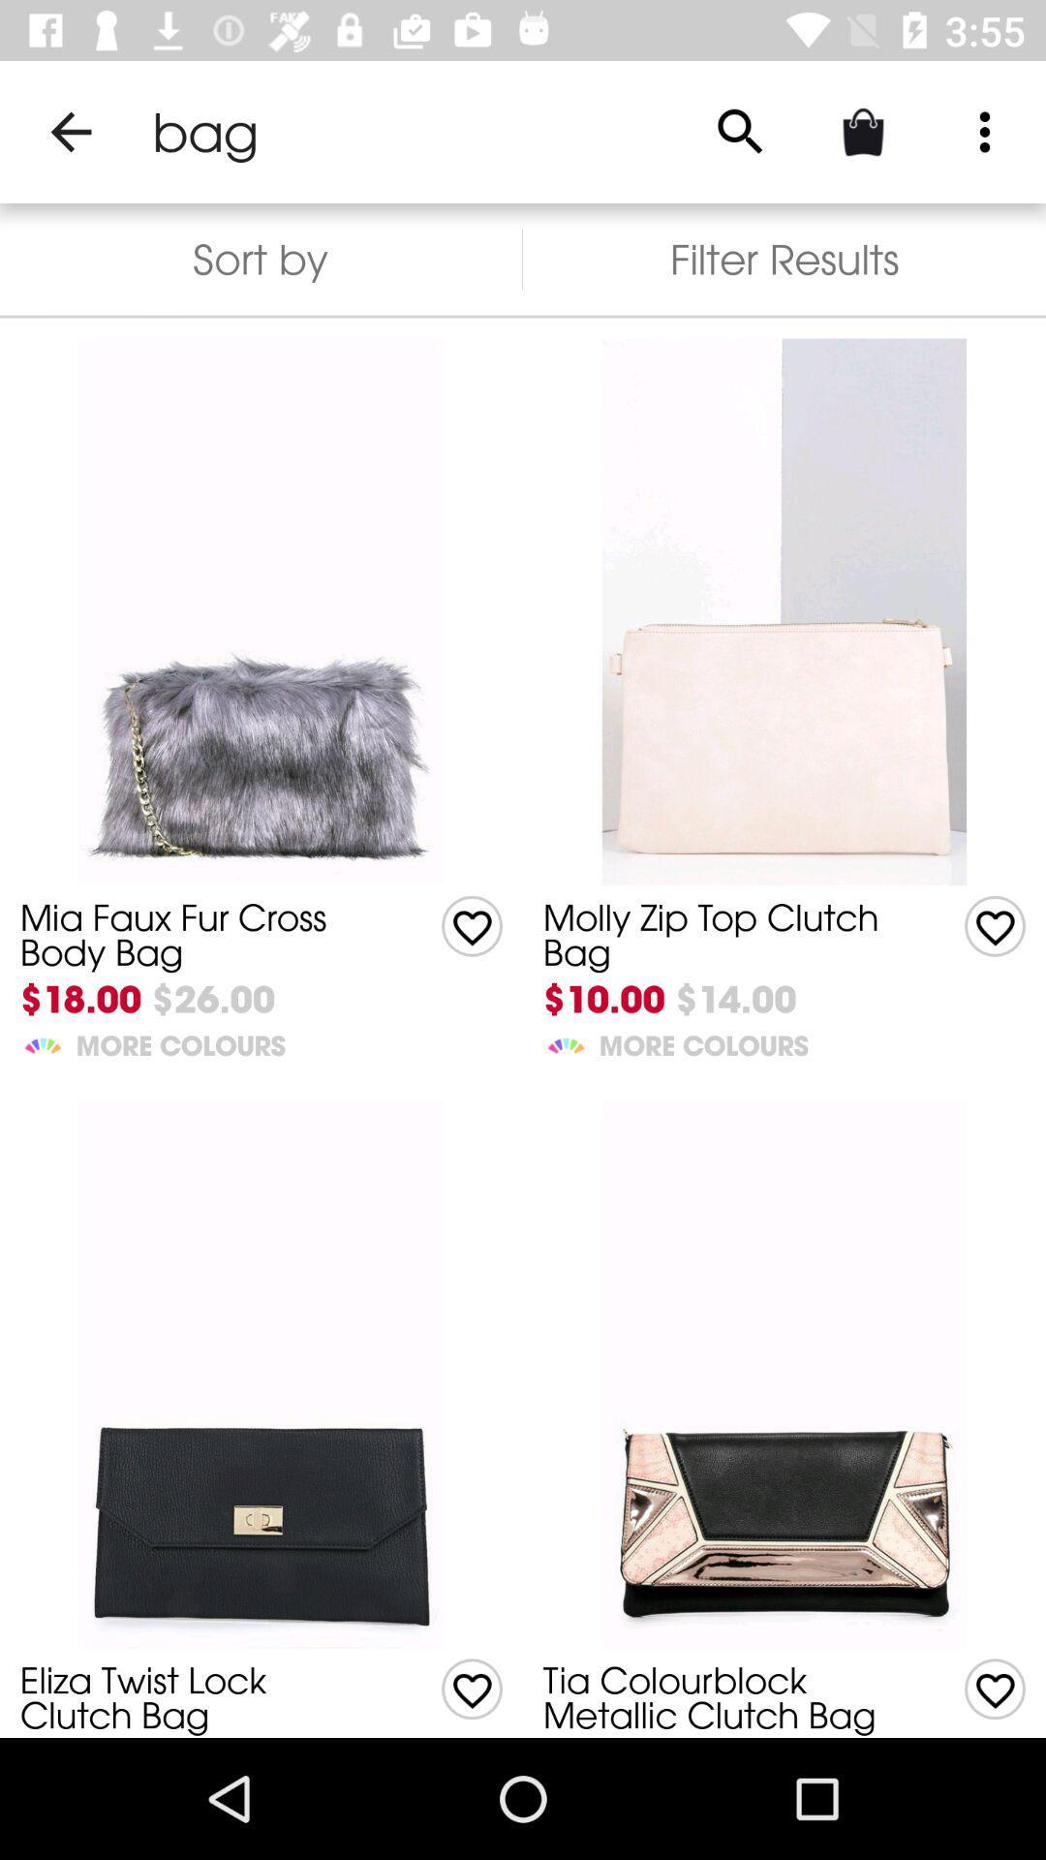  What do you see at coordinates (995, 1688) in the screenshot?
I see `toggles a love option for the item` at bounding box center [995, 1688].